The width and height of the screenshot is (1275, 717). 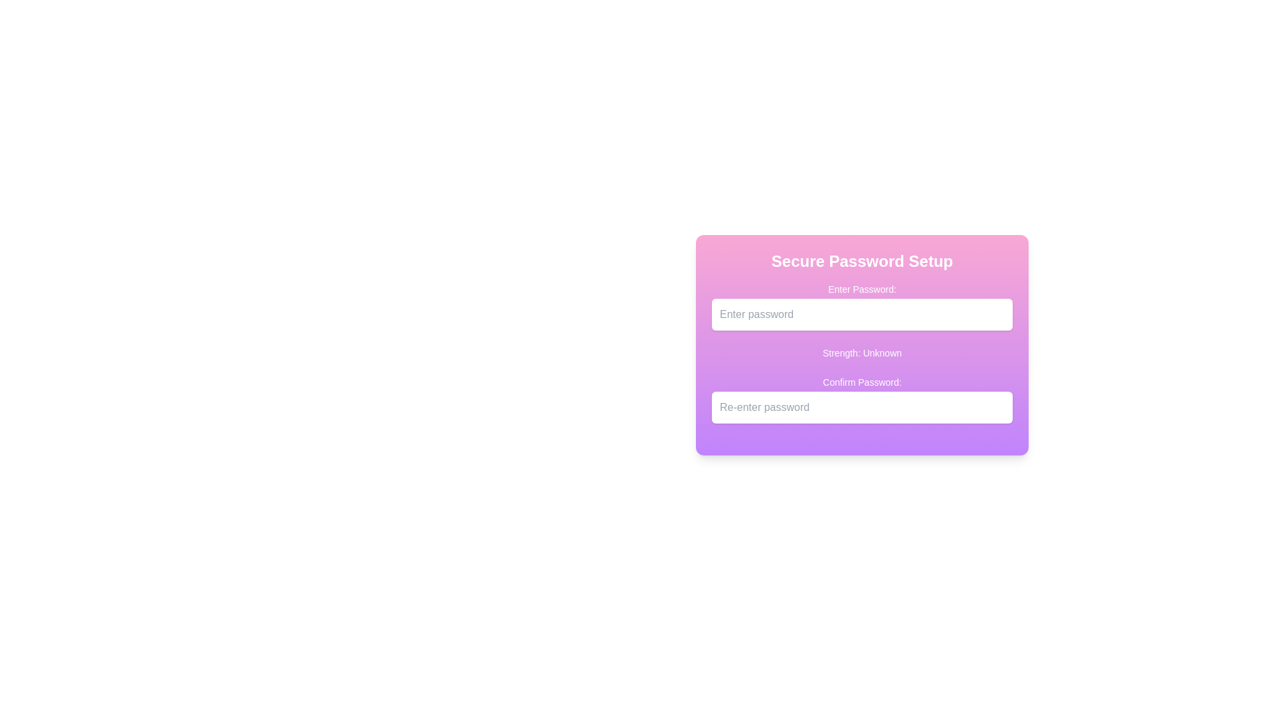 What do you see at coordinates (862, 353) in the screenshot?
I see `the non-interactive label indicating the strength of the password, located directly below the 'Enter Password' input field and above the 'Confirm Password' label` at bounding box center [862, 353].